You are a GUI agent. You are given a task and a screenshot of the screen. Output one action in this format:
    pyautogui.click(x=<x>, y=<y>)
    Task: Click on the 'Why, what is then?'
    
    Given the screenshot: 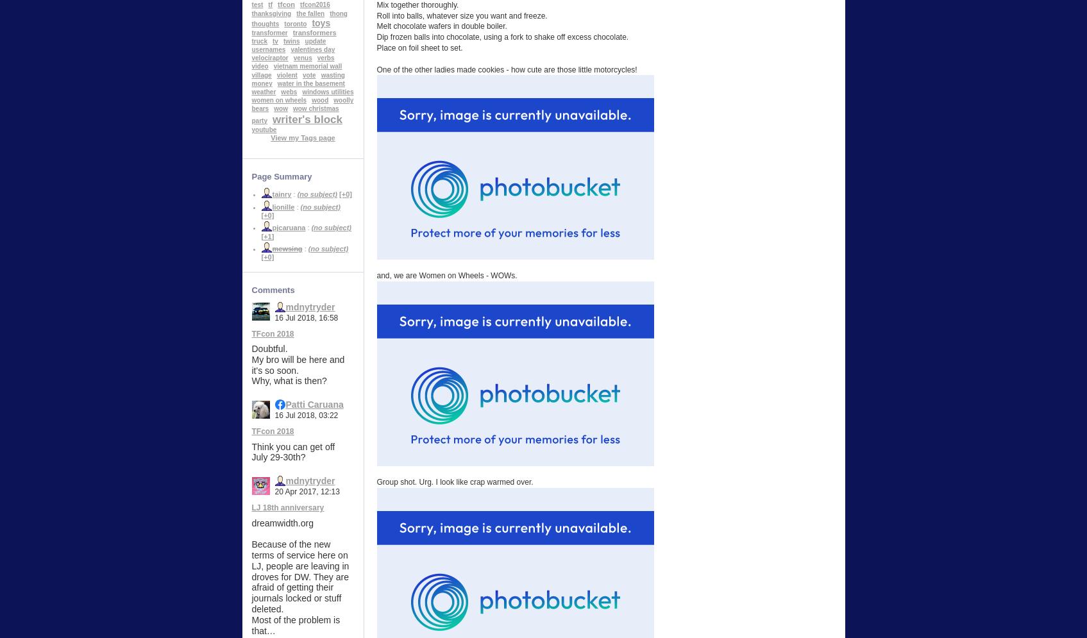 What is the action you would take?
    pyautogui.click(x=289, y=380)
    